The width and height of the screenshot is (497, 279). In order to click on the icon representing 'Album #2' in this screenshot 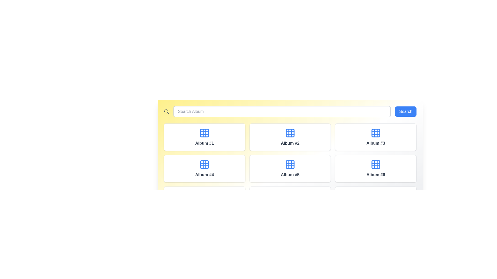, I will do `click(290, 133)`.